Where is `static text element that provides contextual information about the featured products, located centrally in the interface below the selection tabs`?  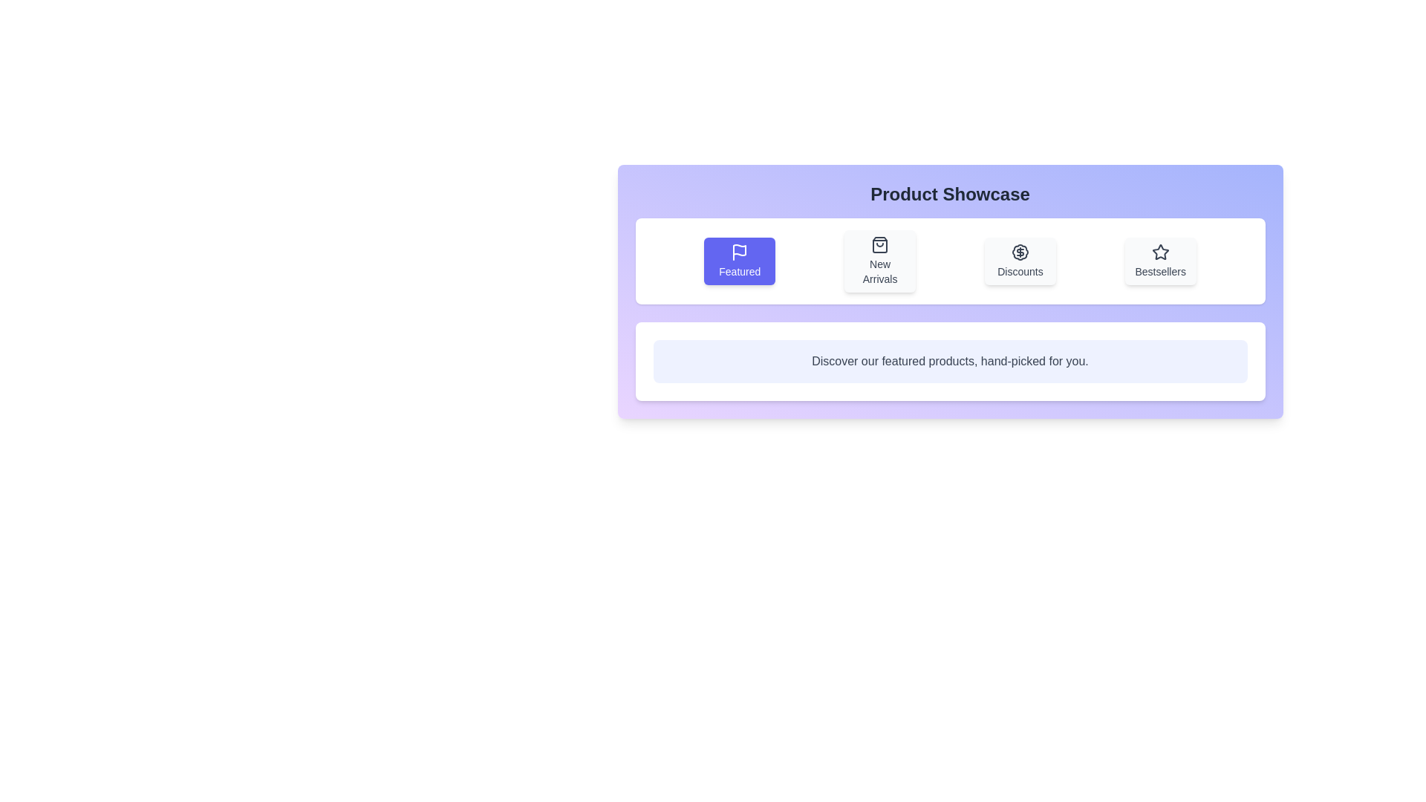
static text element that provides contextual information about the featured products, located centrally in the interface below the selection tabs is located at coordinates (949, 361).